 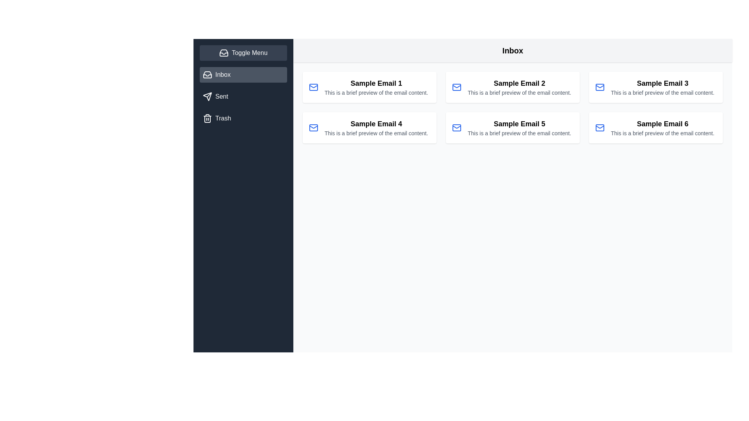 I want to click on the 'Sent' navigation menu icon located in the sidebar of the application interface, so click(x=208, y=96).